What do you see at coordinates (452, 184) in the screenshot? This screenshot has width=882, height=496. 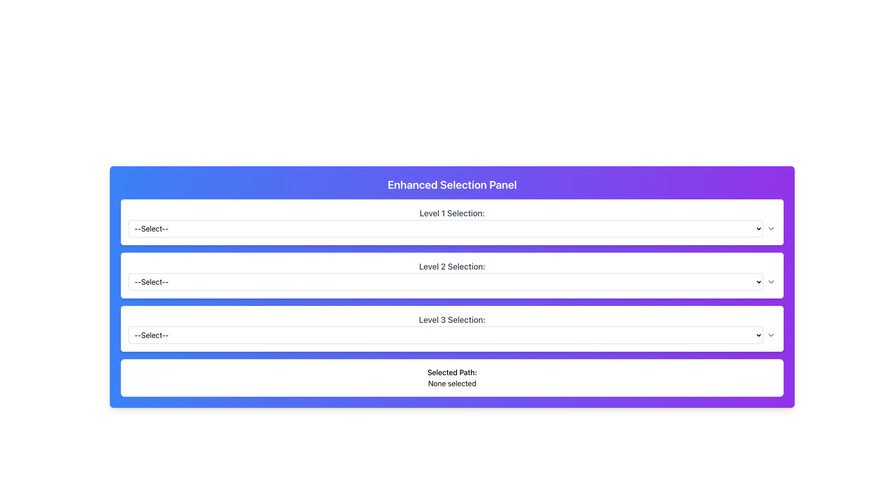 I see `the heading element that serves as the title for the panel, which is located at the top-center of the layout with a gradient background and rounded corners` at bounding box center [452, 184].